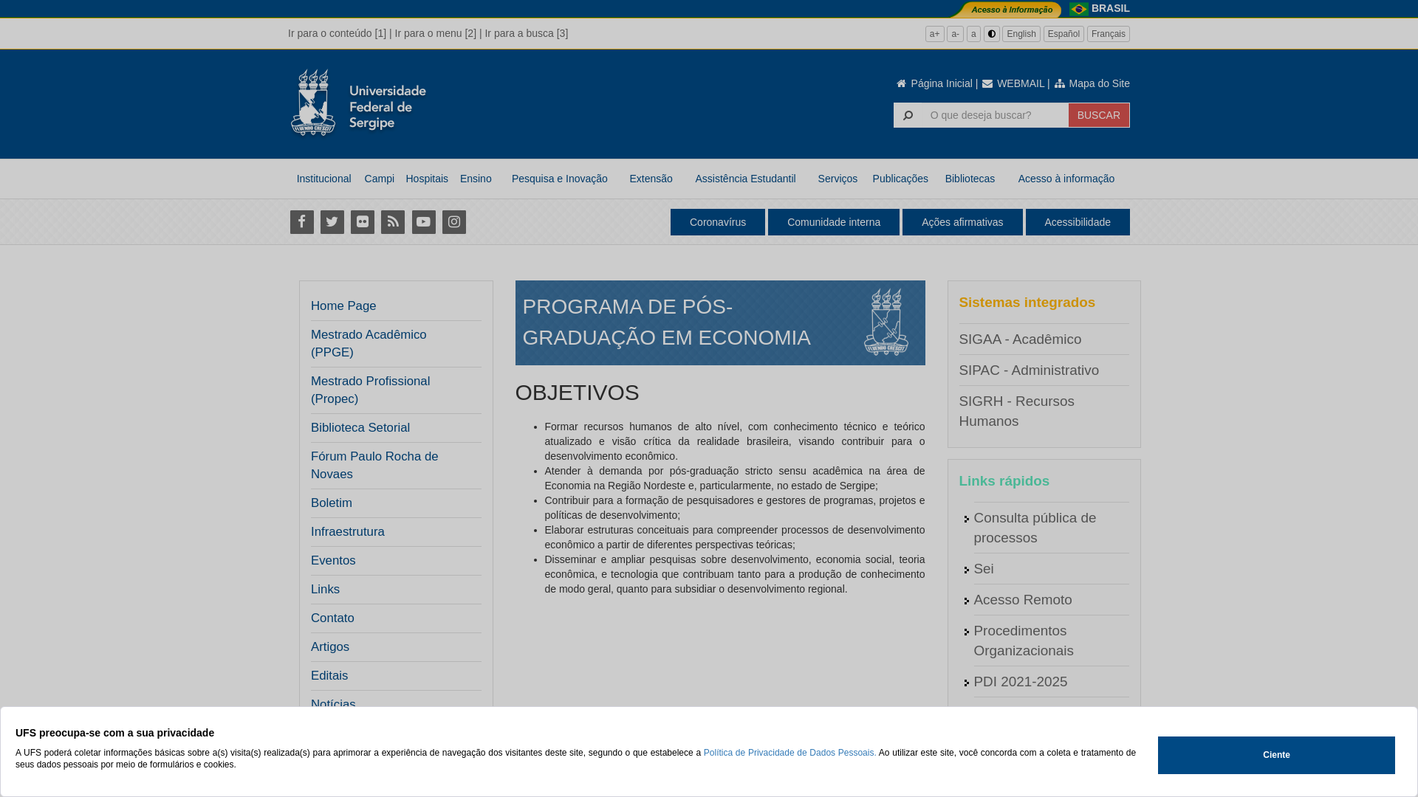 The image size is (1418, 797). Describe the element at coordinates (332, 618) in the screenshot. I see `'Contato'` at that location.